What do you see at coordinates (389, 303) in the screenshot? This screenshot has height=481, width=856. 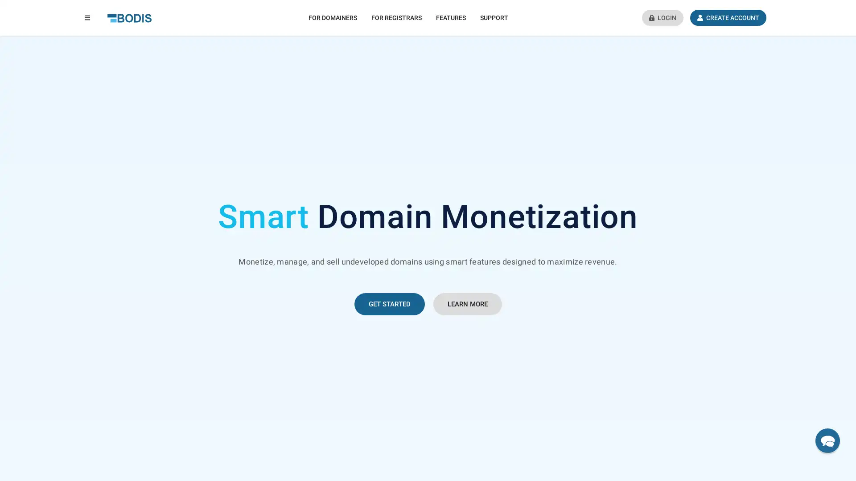 I see `GET STARTED` at bounding box center [389, 303].